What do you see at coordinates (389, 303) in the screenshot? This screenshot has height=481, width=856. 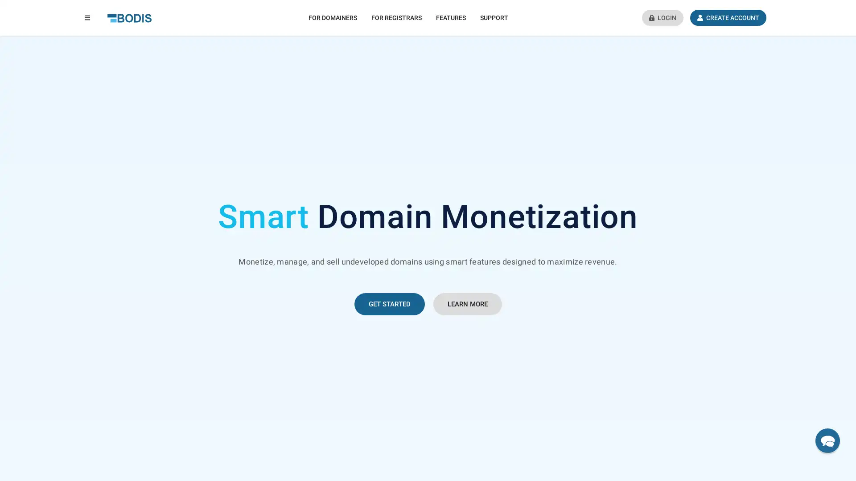 I see `GET STARTED` at bounding box center [389, 303].